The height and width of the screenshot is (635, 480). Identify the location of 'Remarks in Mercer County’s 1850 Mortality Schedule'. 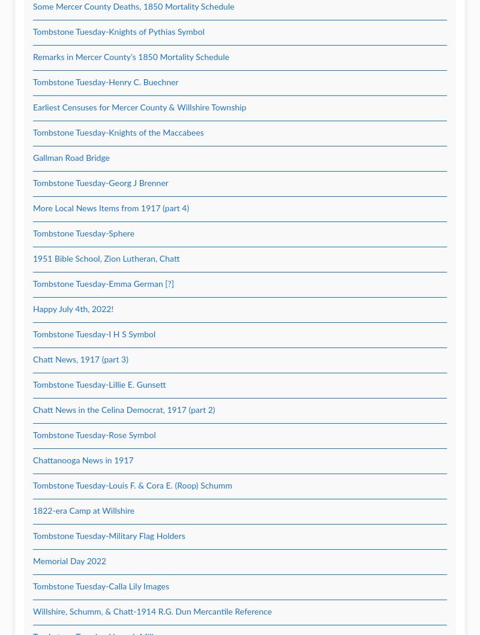
(131, 56).